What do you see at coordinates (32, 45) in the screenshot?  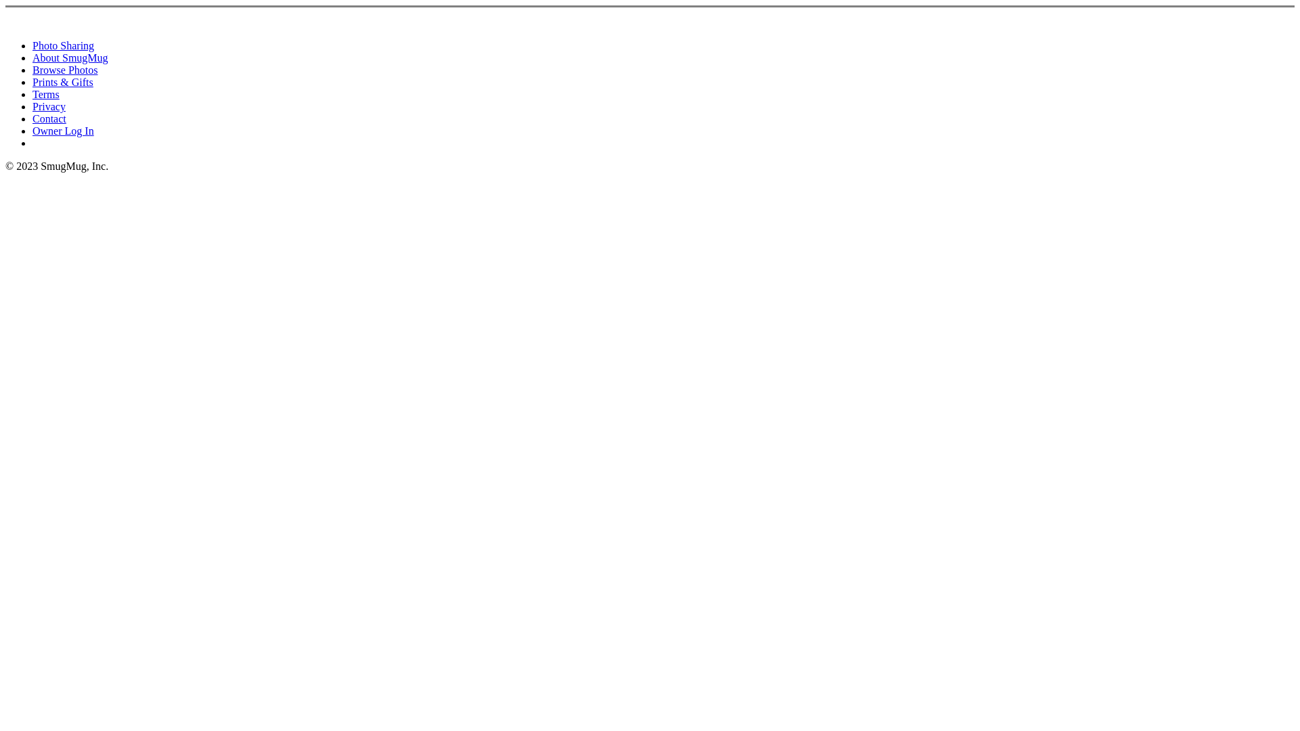 I see `'Photo Sharing'` at bounding box center [32, 45].